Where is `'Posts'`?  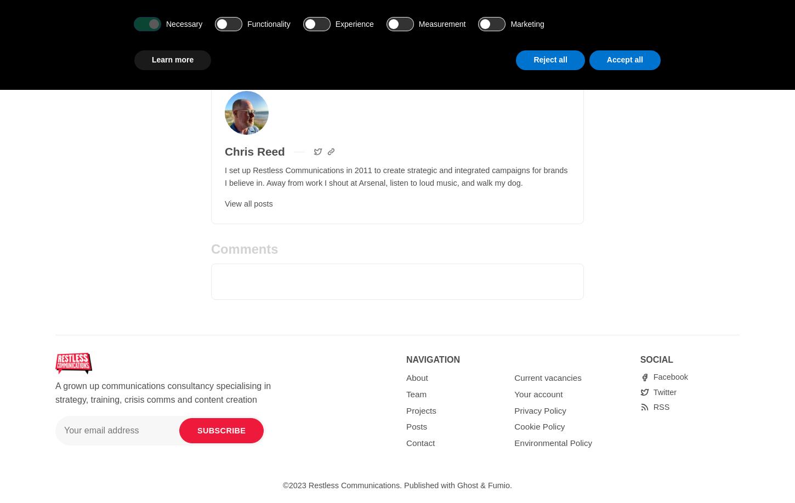 'Posts' is located at coordinates (416, 426).